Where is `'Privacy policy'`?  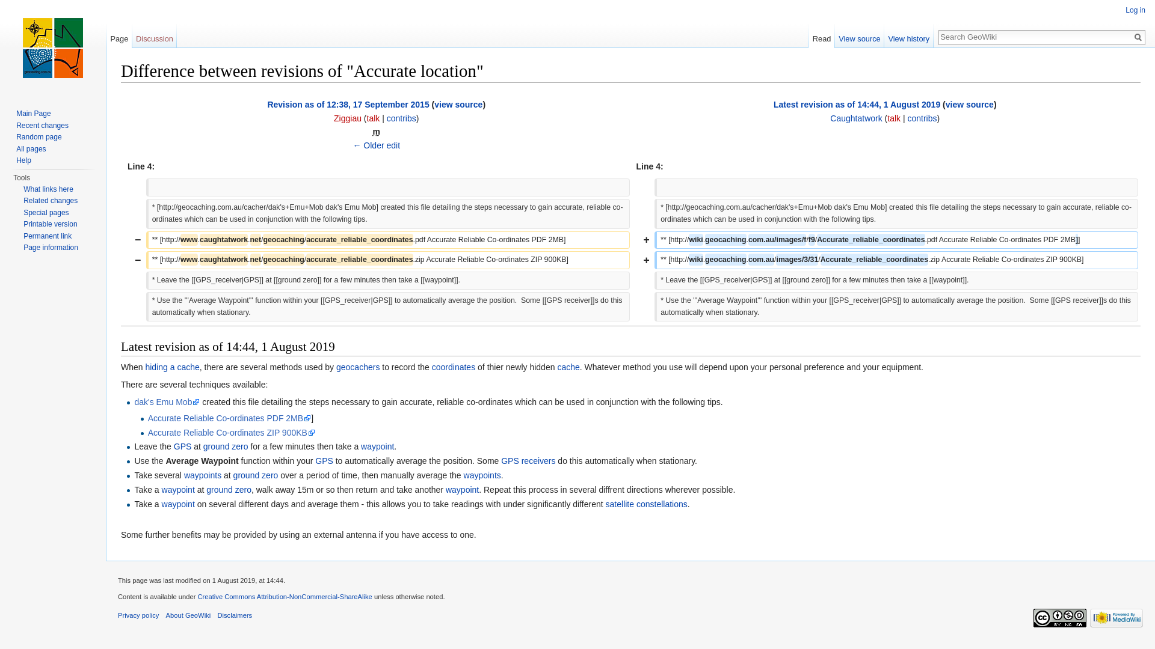 'Privacy policy' is located at coordinates (138, 615).